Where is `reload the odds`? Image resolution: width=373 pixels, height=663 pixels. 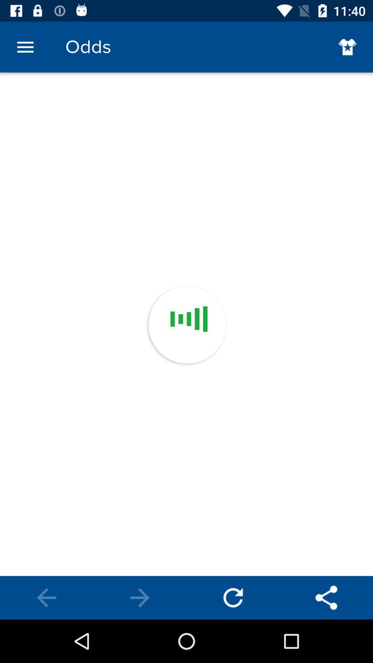
reload the odds is located at coordinates (233, 597).